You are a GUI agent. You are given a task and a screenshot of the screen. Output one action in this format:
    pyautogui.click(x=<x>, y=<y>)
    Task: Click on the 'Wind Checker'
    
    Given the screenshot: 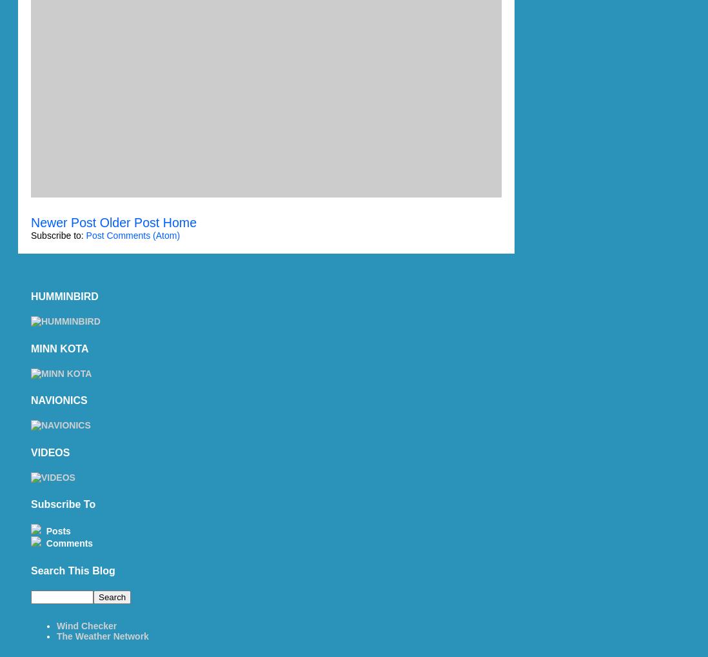 What is the action you would take?
    pyautogui.click(x=86, y=625)
    